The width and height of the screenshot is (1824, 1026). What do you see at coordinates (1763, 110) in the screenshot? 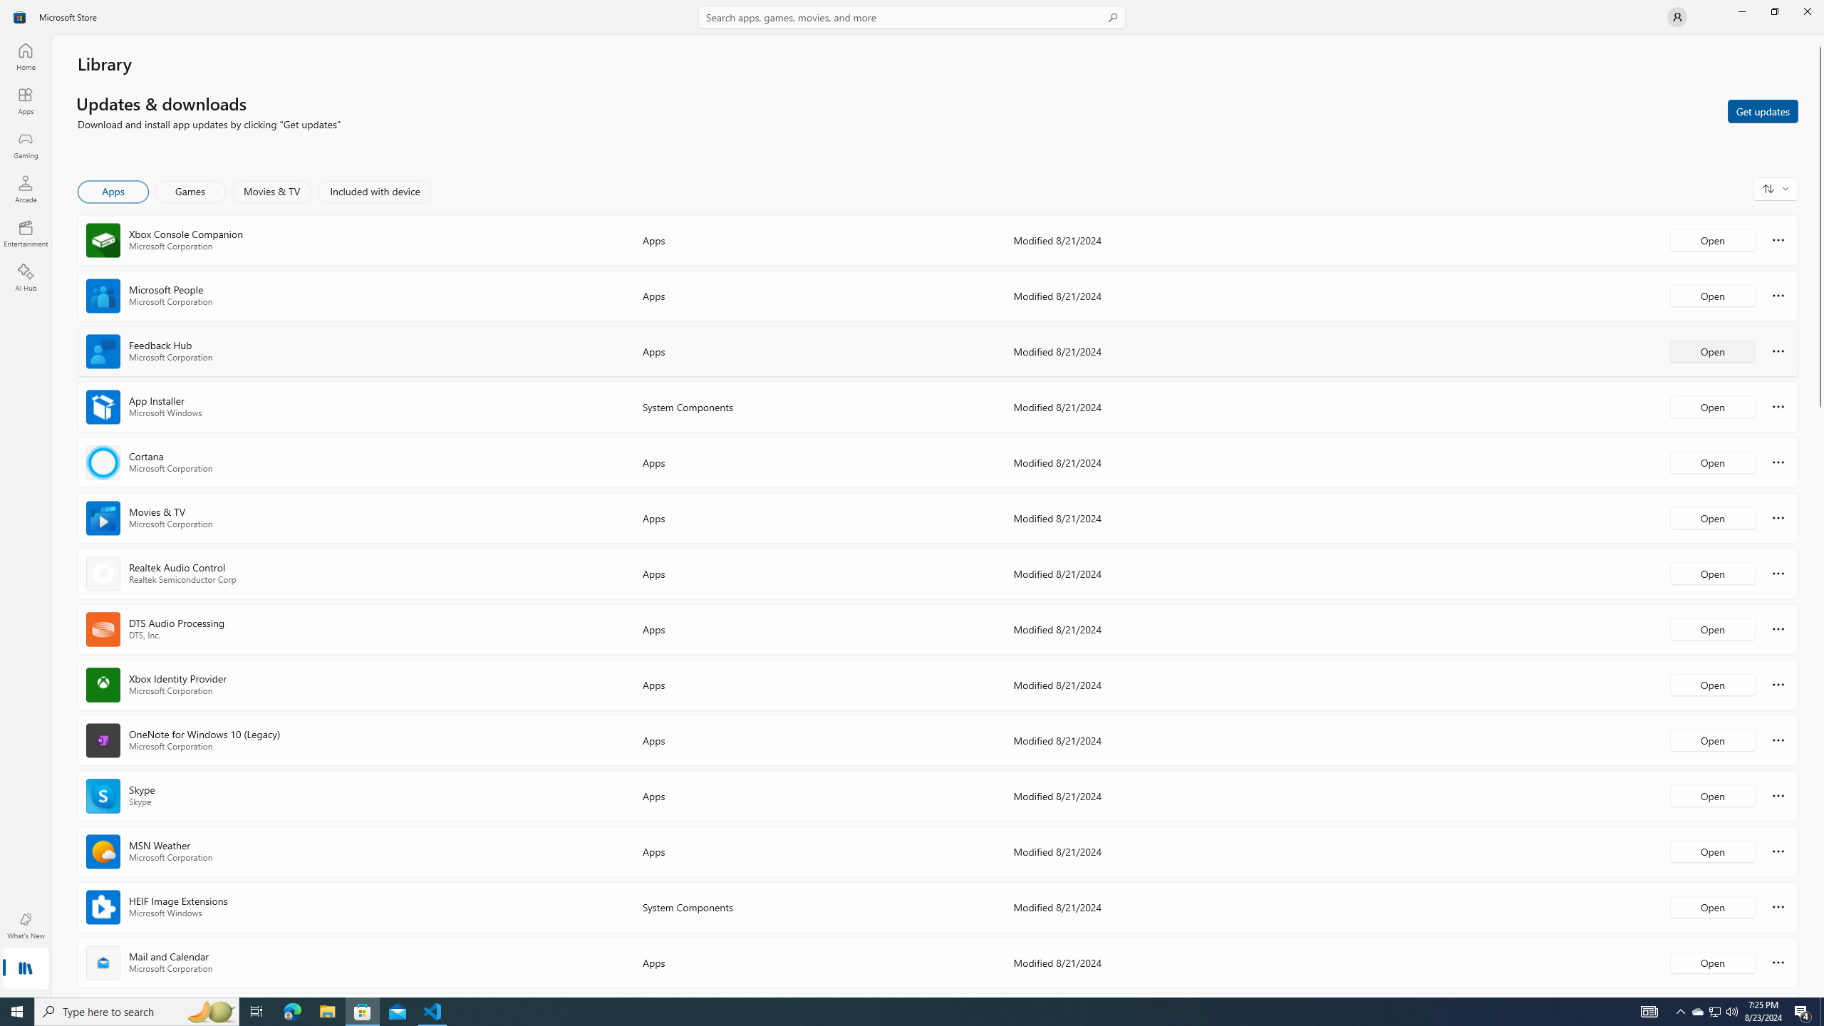
I see `'Get updates'` at bounding box center [1763, 110].